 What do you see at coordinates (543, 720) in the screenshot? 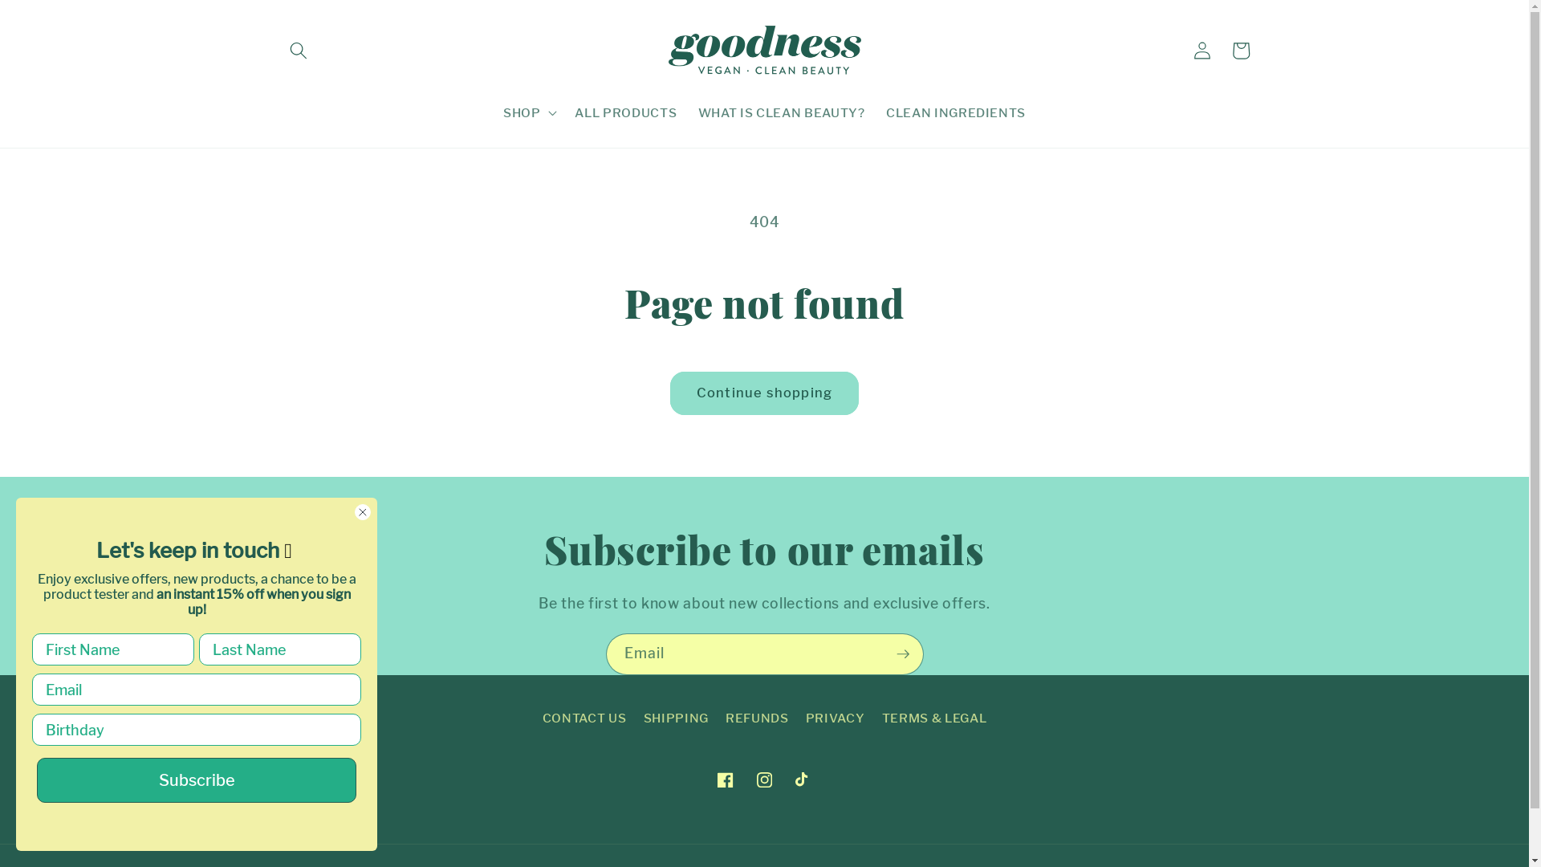
I see `'CONTACT US'` at bounding box center [543, 720].